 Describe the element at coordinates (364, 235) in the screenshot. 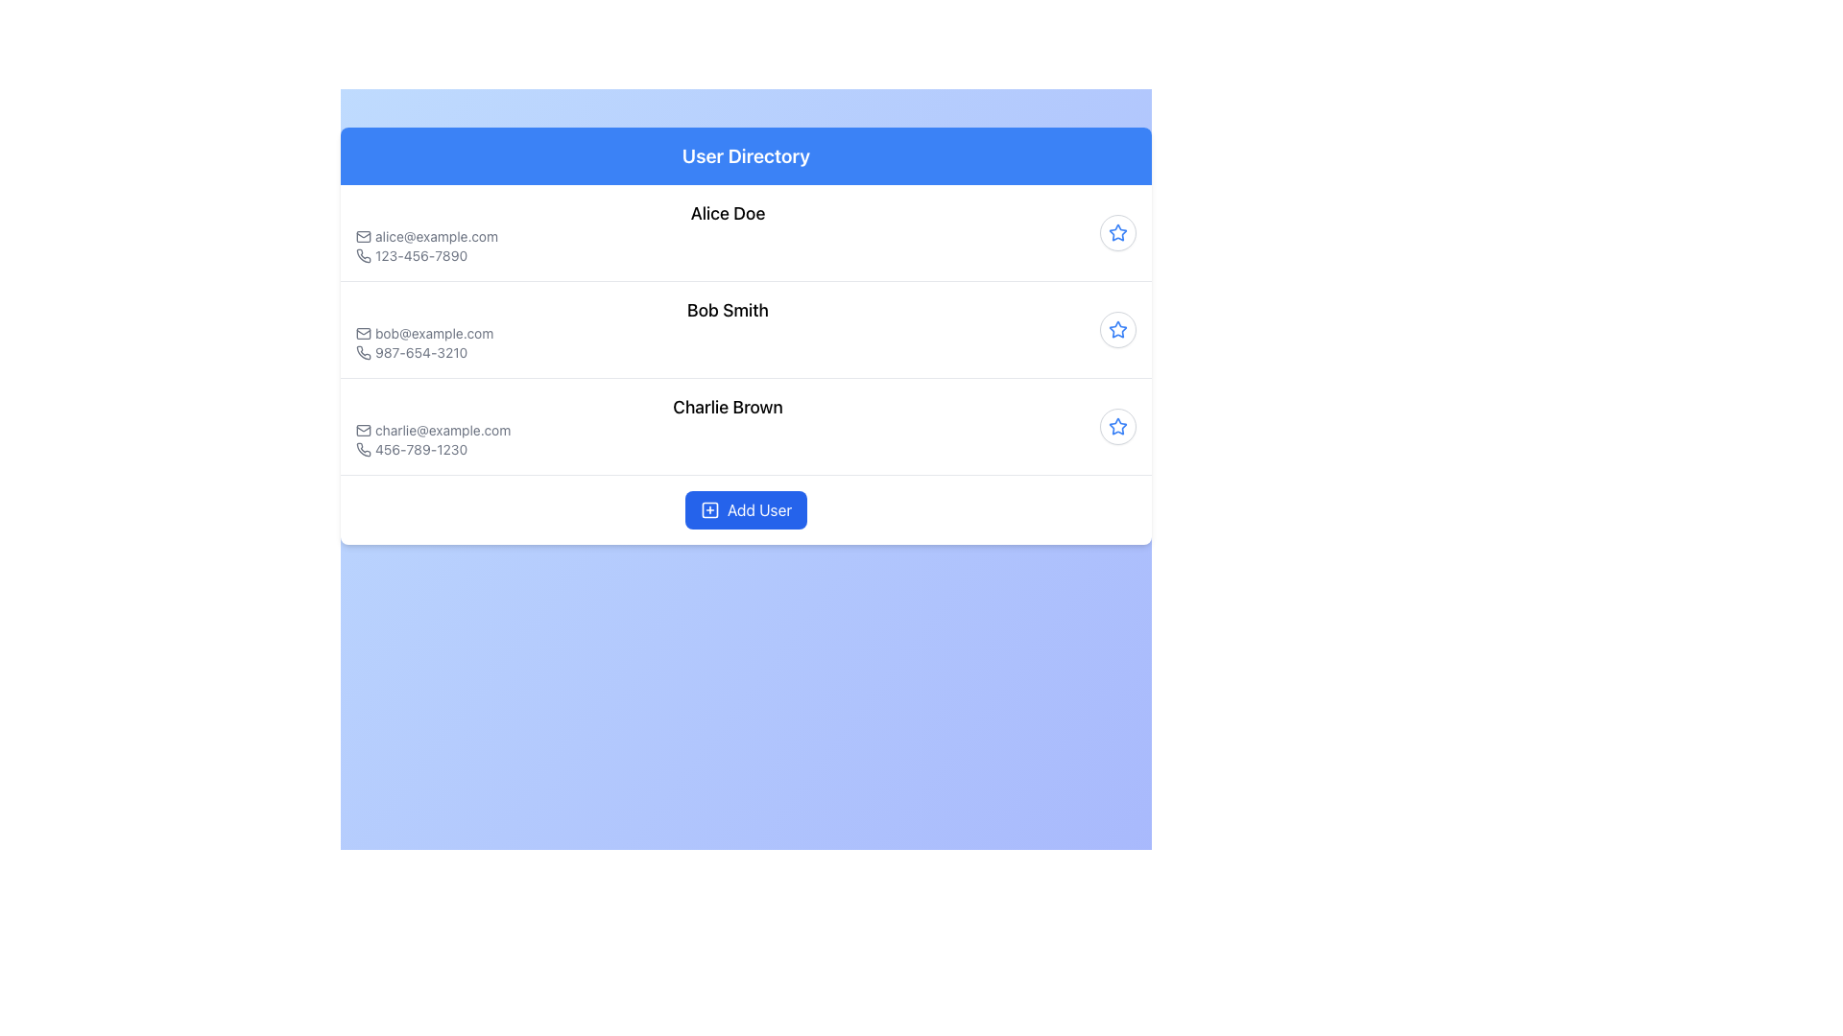

I see `the small mail icon located to the left of the email text 'alice@example.com', which is part of the topmost entry in a list of user details` at that location.